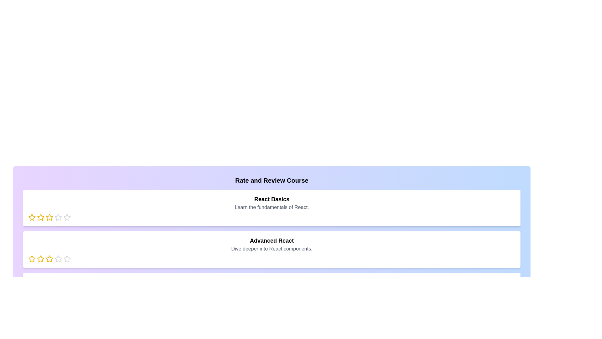 The width and height of the screenshot is (602, 339). What do you see at coordinates (58, 217) in the screenshot?
I see `the third star-shaped button in the rating control group` at bounding box center [58, 217].